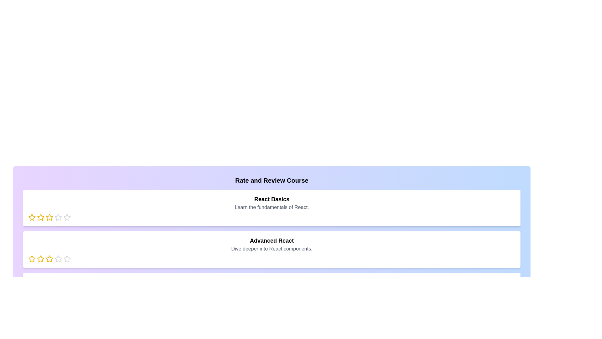 The width and height of the screenshot is (602, 339). What do you see at coordinates (58, 217) in the screenshot?
I see `the third star-shaped button in the rating control group` at bounding box center [58, 217].